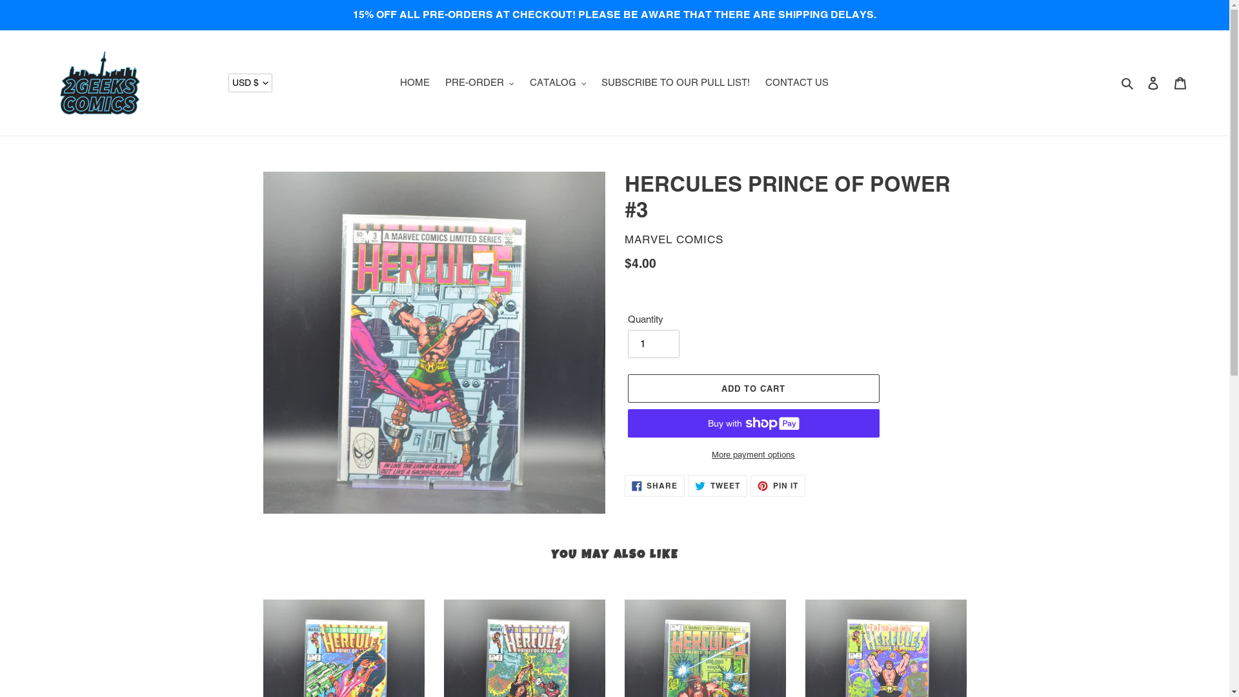 The image size is (1239, 697). I want to click on 'CATALOG', so click(558, 83).